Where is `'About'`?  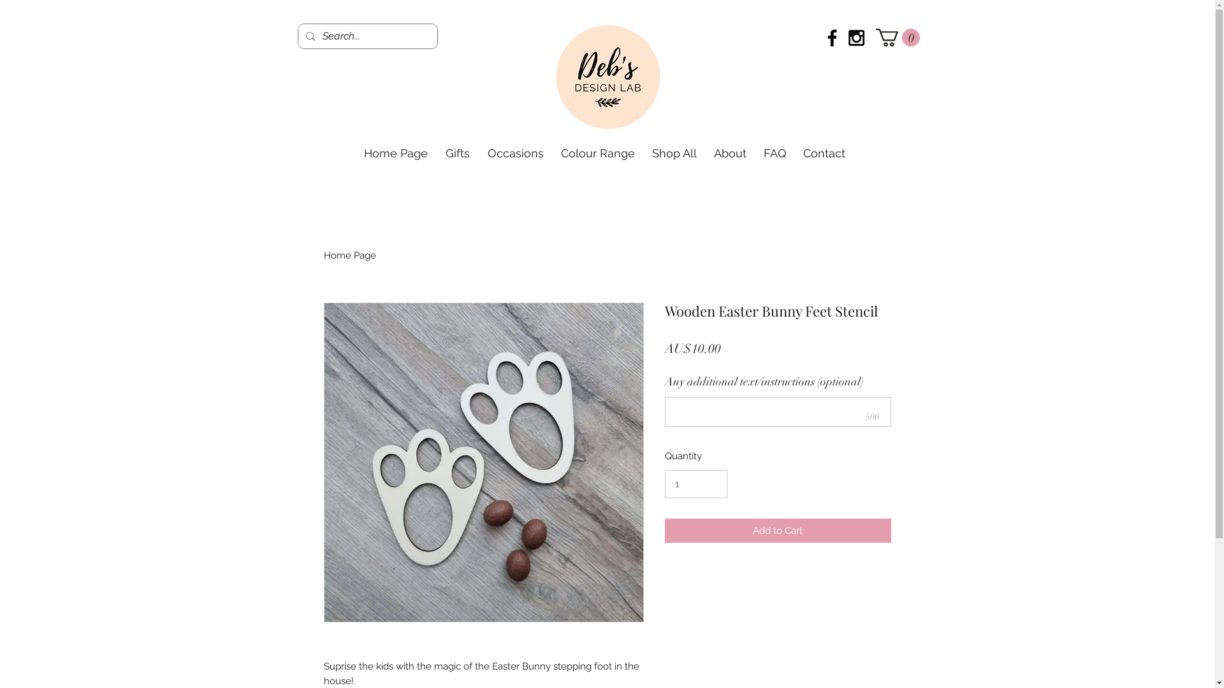
'About' is located at coordinates (730, 152).